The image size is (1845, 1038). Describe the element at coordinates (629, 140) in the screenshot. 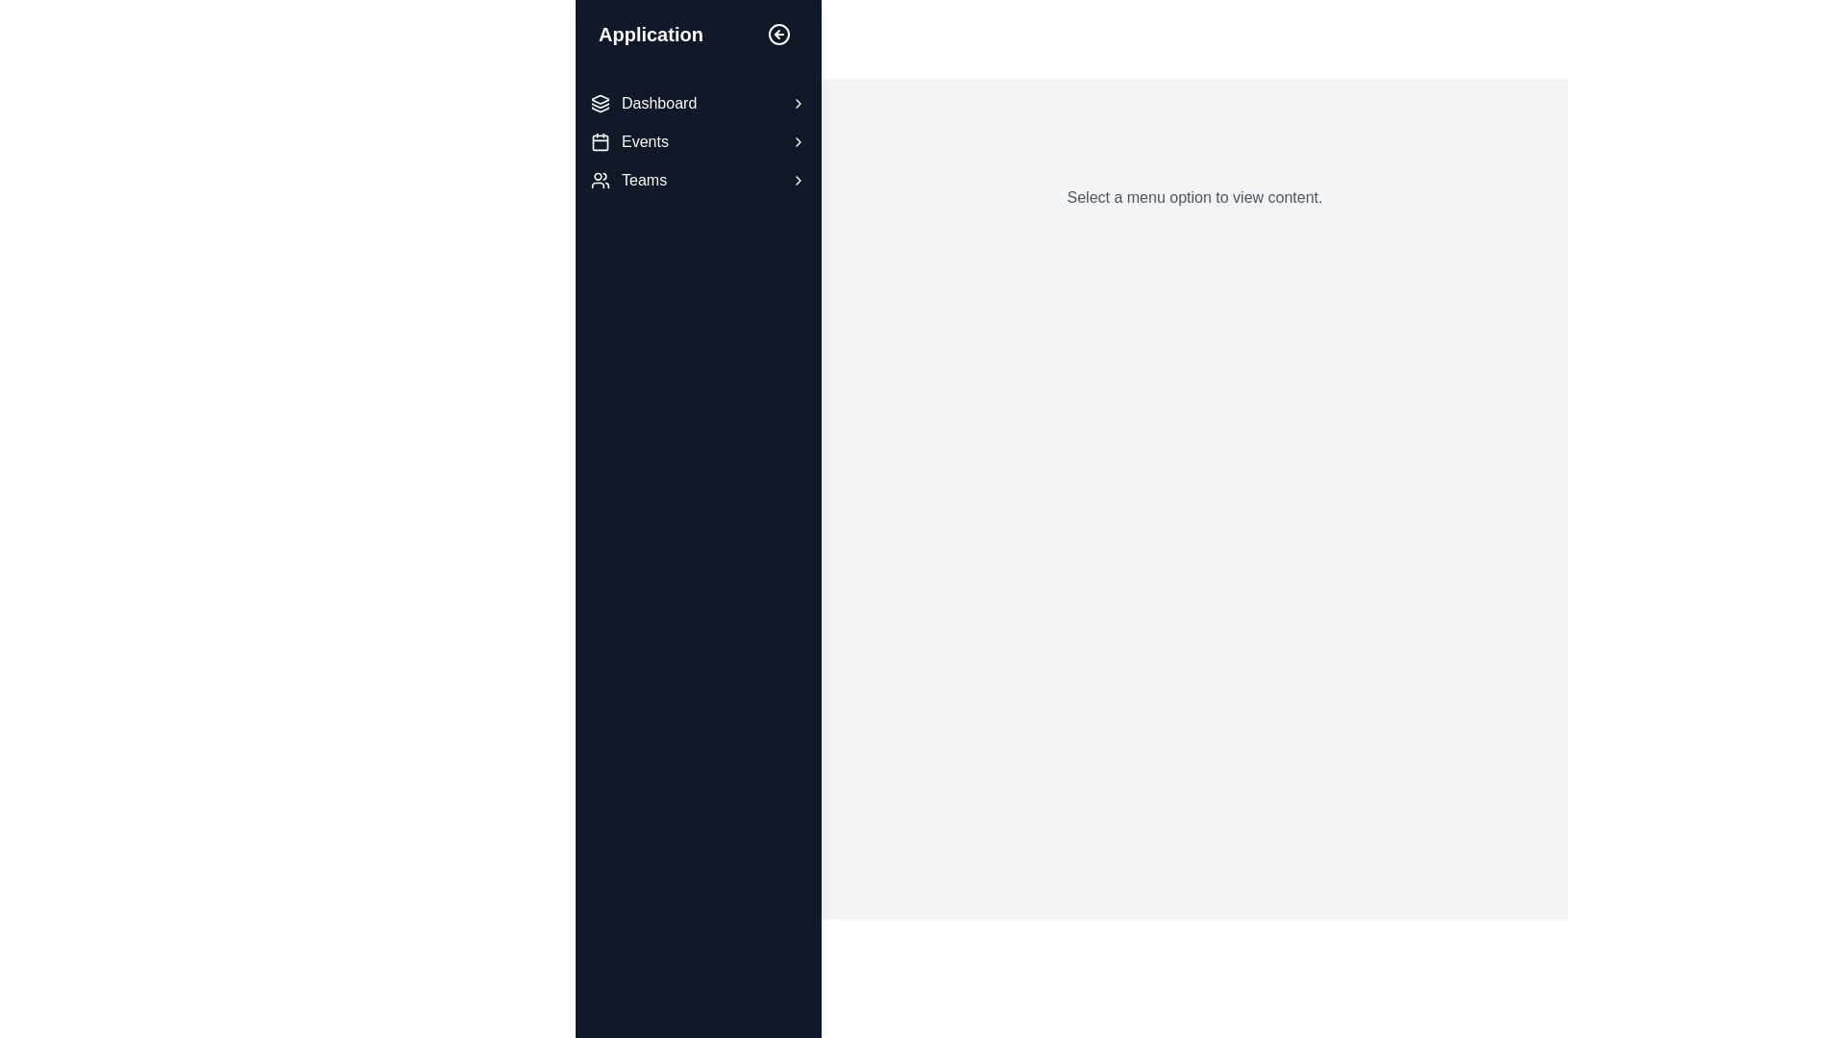

I see `the second item in the vertical navigation menu on the left side of the interface, which represents access to the 'Events' feature` at that location.